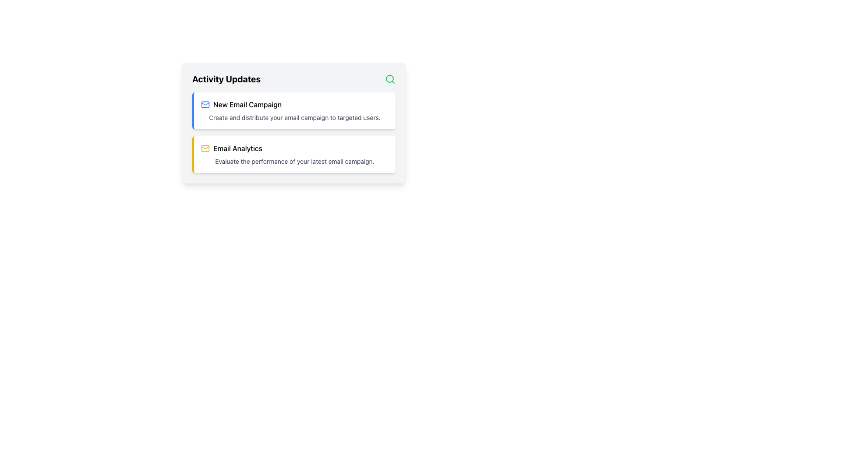  Describe the element at coordinates (205, 104) in the screenshot. I see `the blue rectangular envelope icon located to the left of the 'New Email Campaign' text in the 'Activity Updates' section` at that location.